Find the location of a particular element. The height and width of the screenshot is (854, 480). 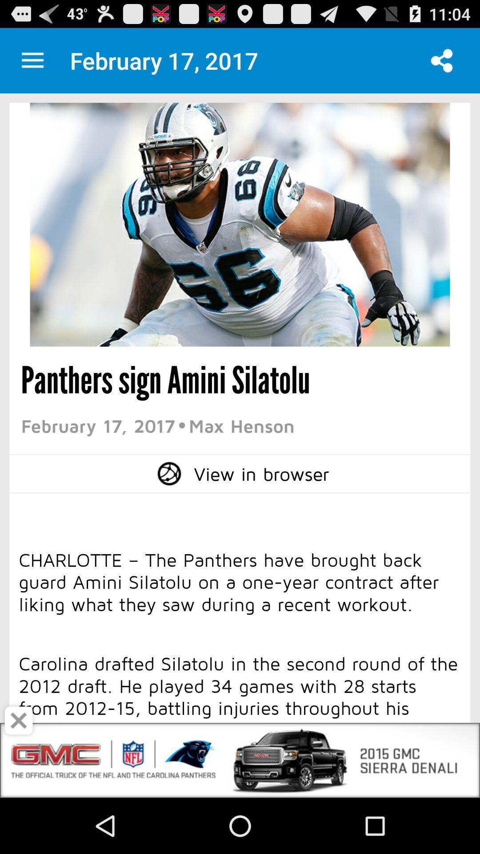

page is located at coordinates (19, 721).